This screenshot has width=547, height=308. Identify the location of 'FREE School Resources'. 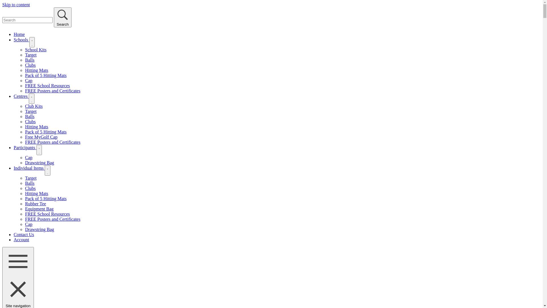
(47, 214).